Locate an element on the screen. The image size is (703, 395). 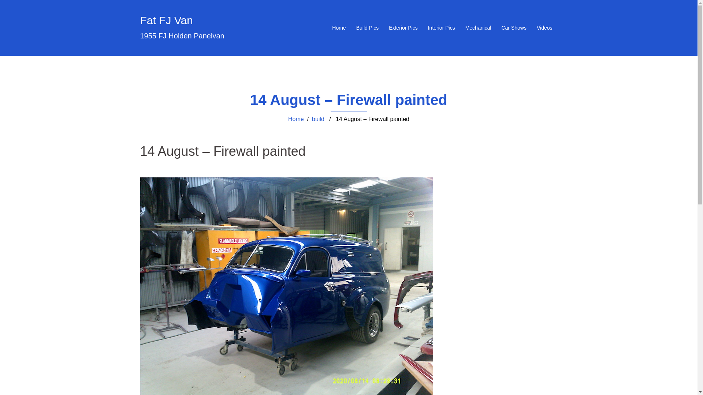
'Videos' is located at coordinates (544, 27).